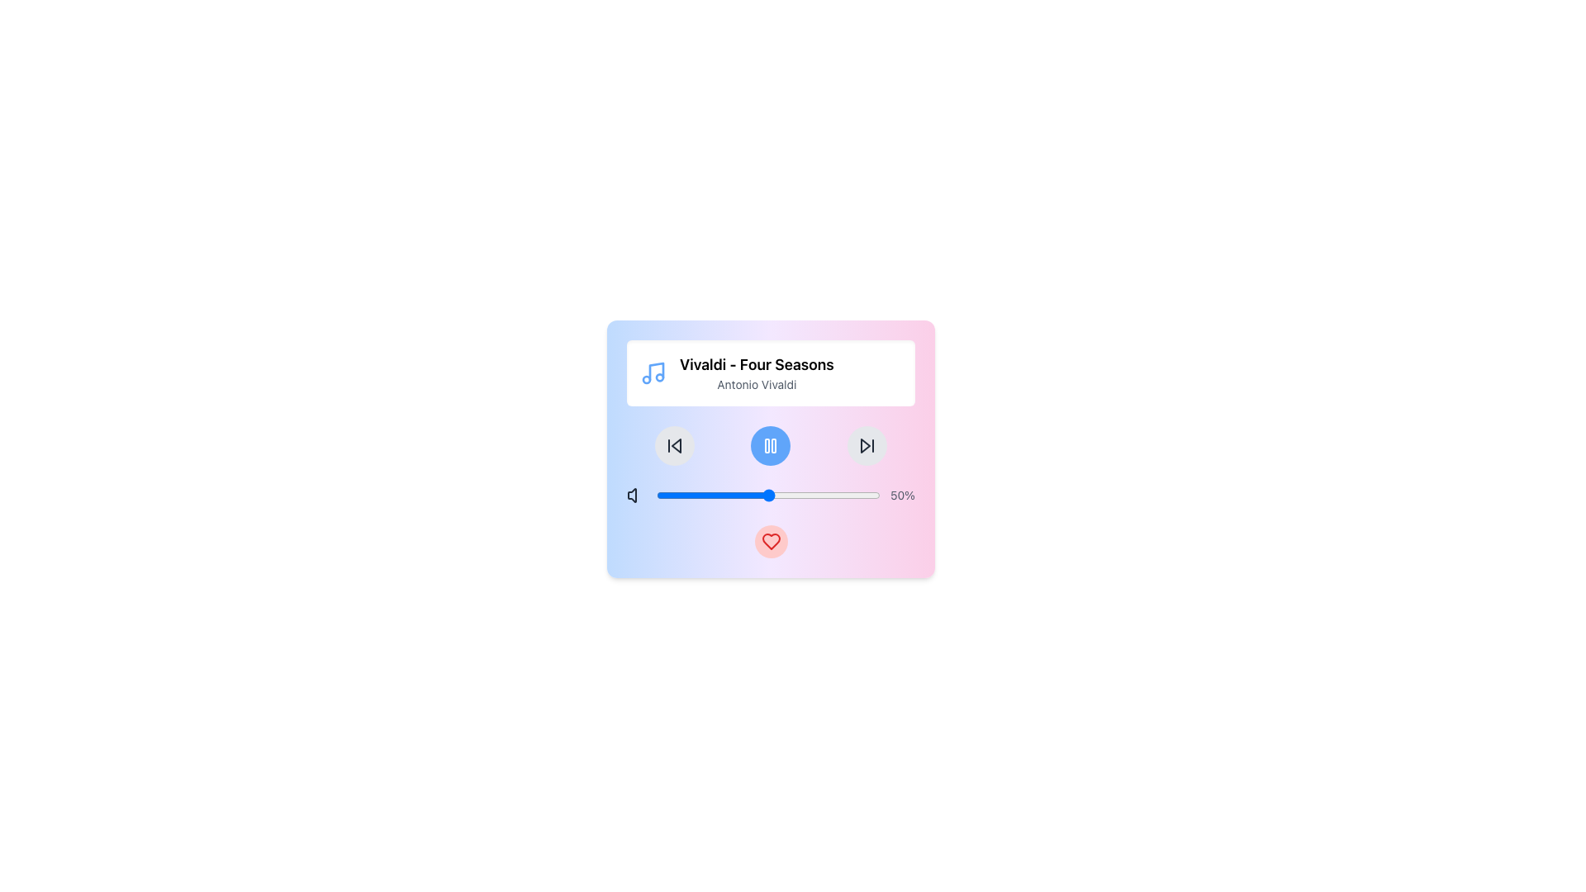 The image size is (1586, 892). I want to click on the dark gray triangular button located to the left of the circular pause button to initiate the skip-back action, so click(677, 446).